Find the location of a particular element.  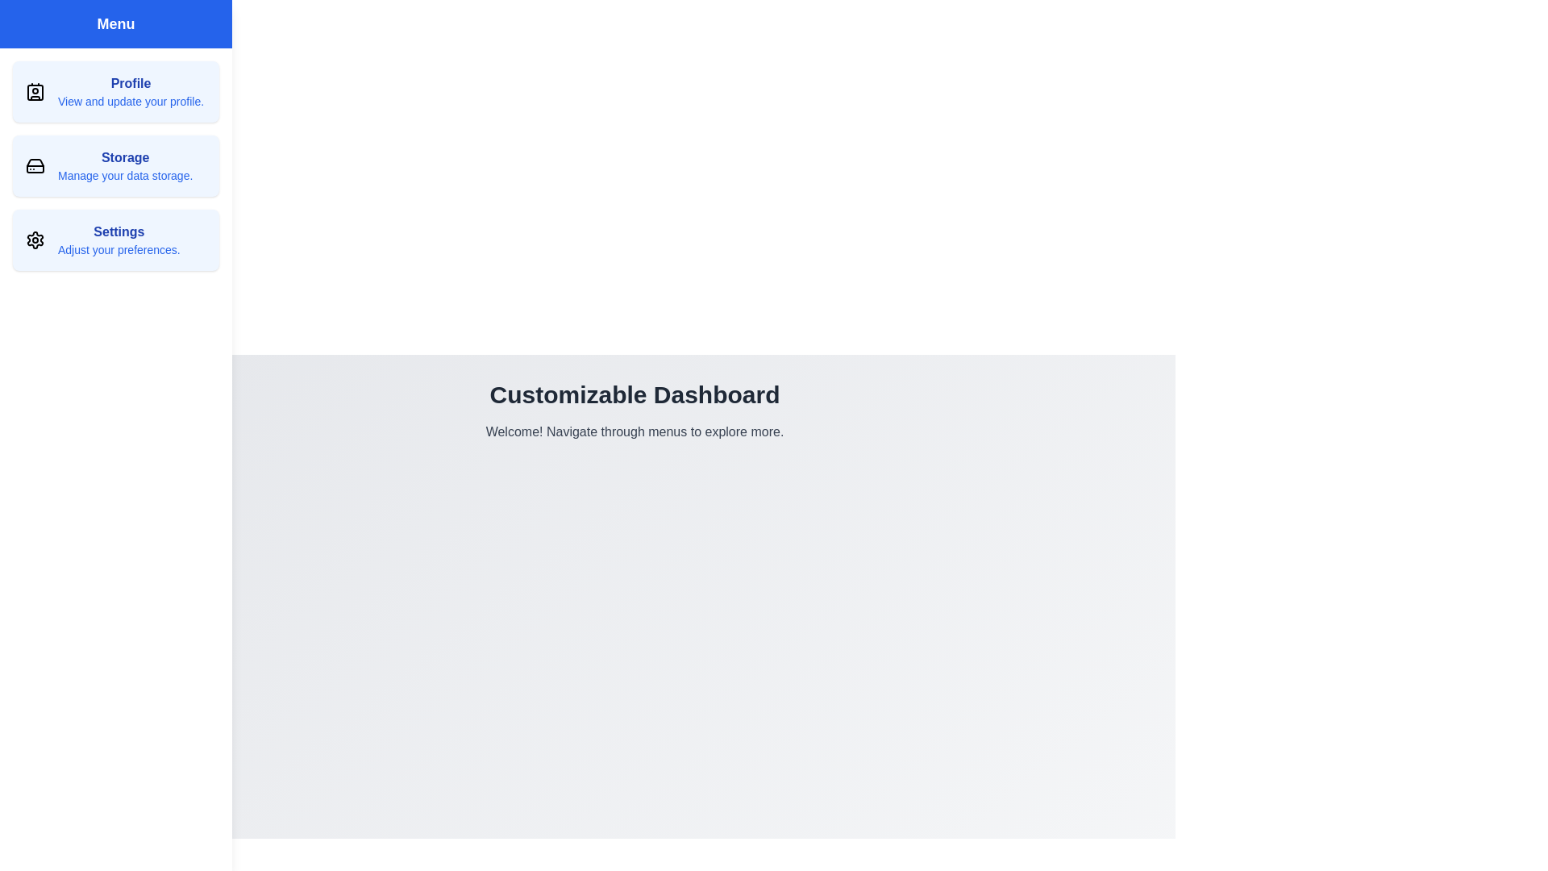

the menu item Storage is located at coordinates (115, 165).